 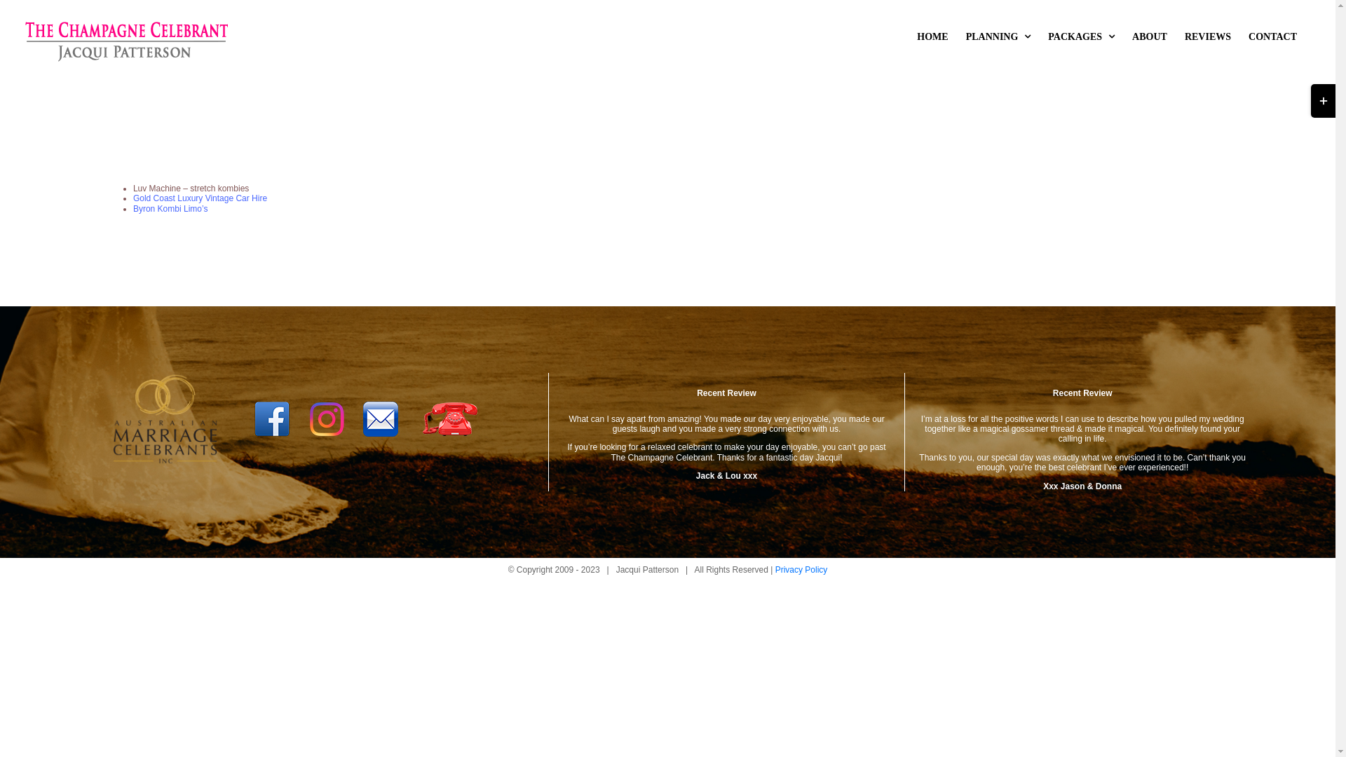 I want to click on 'CONTACT', so click(x=1272, y=36).